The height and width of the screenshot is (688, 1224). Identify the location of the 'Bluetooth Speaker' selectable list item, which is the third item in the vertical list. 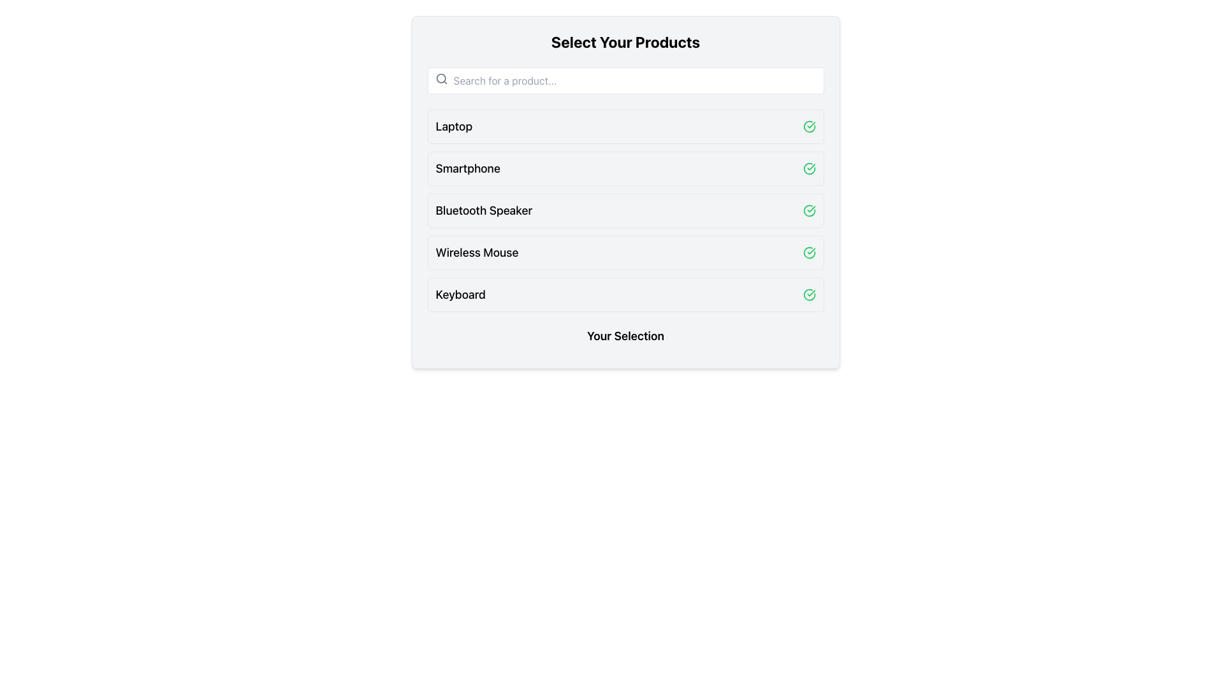
(625, 210).